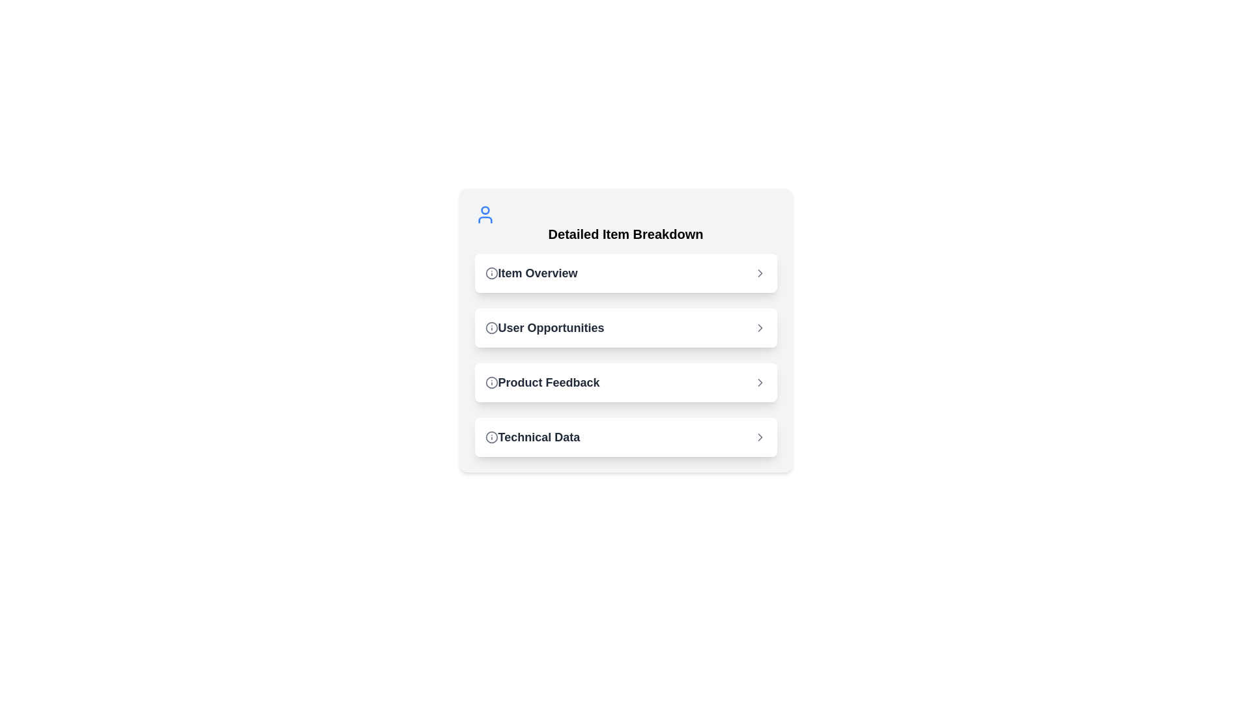  What do you see at coordinates (760, 381) in the screenshot?
I see `the icon on the far-right edge of the horizontal layout that indicates 'Product Feedback' to trigger a tooltip or visual highlight` at bounding box center [760, 381].